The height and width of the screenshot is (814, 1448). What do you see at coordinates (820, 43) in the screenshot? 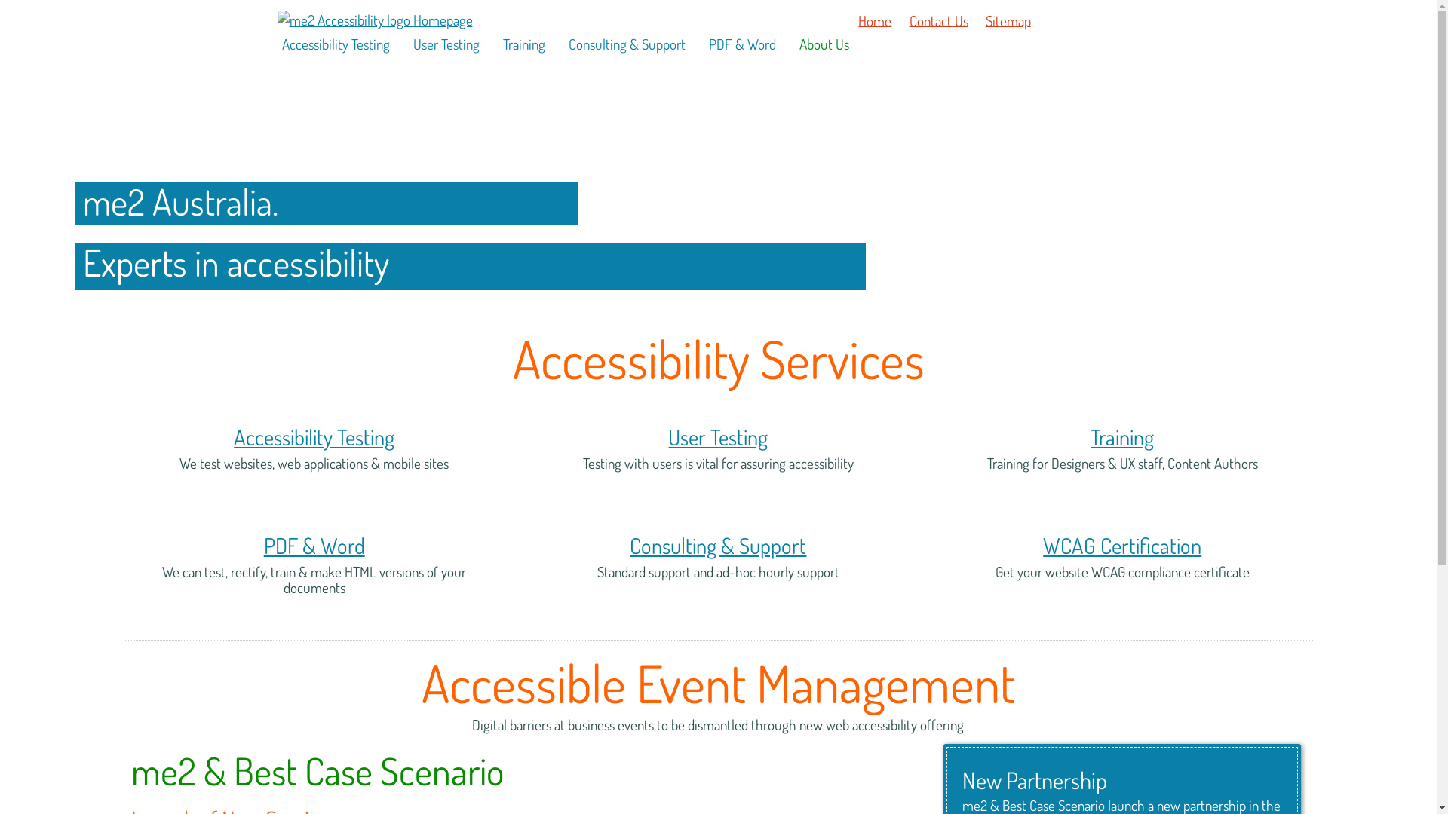
I see `'About Us'` at bounding box center [820, 43].